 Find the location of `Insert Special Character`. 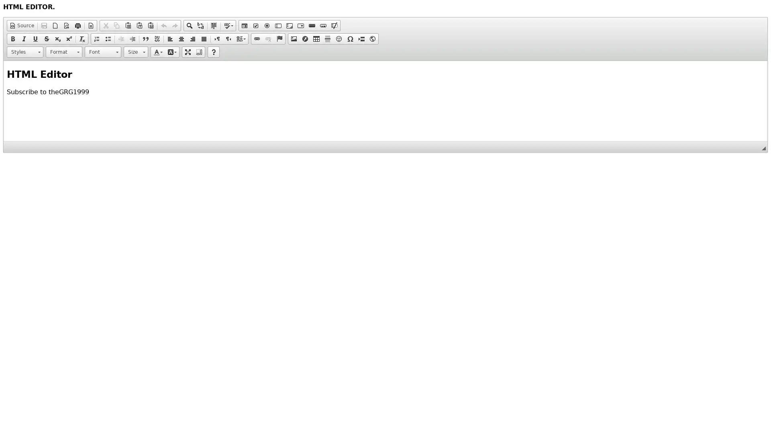

Insert Special Character is located at coordinates (350, 38).